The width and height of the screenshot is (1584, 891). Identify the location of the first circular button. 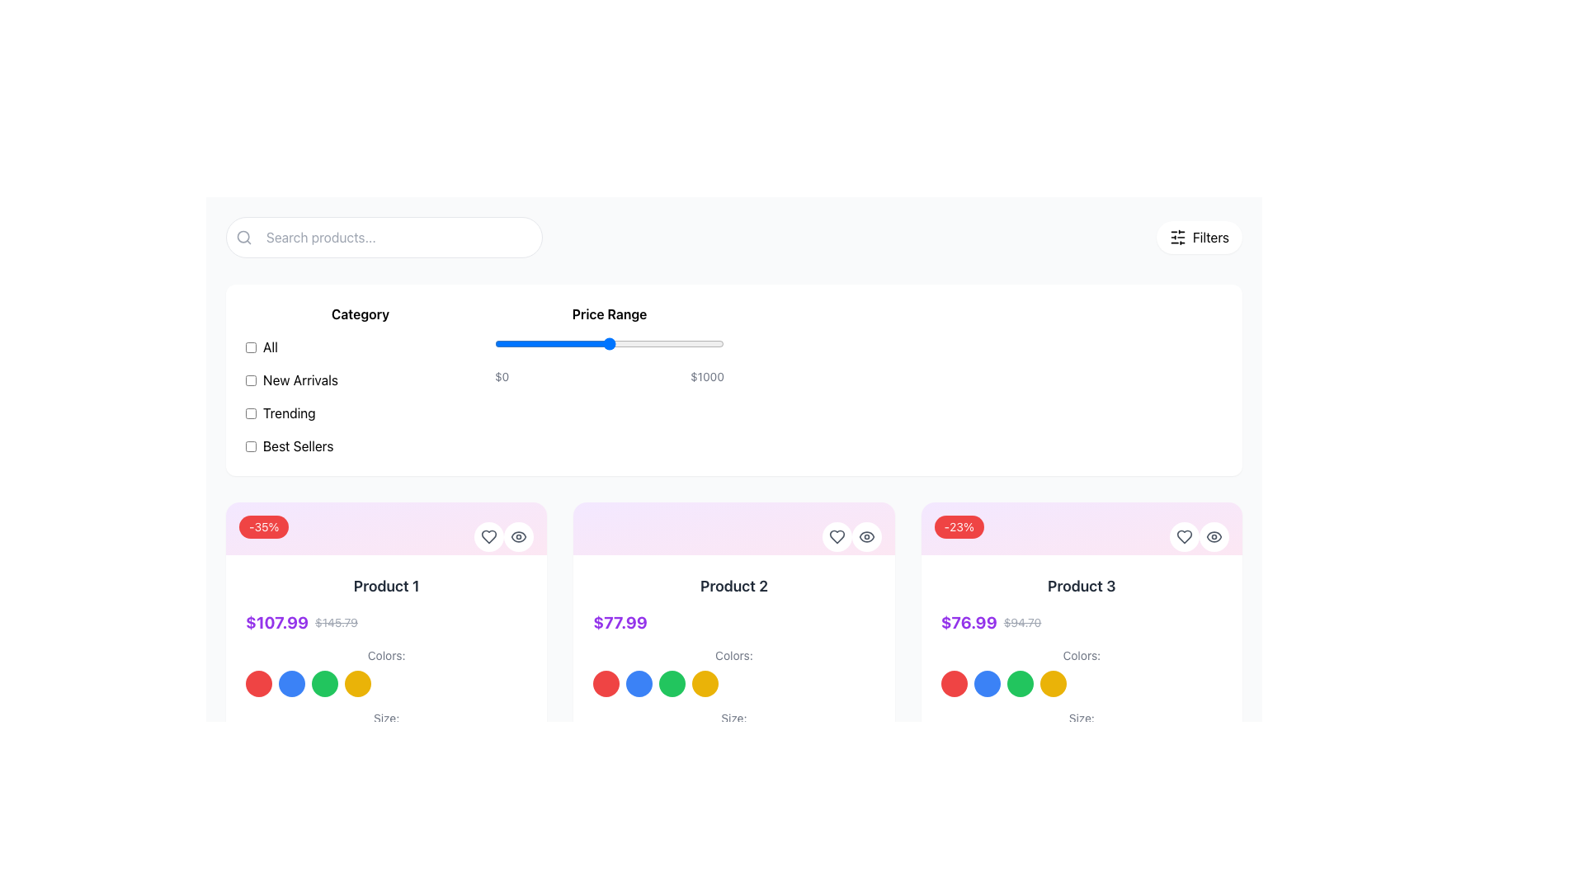
(257, 684).